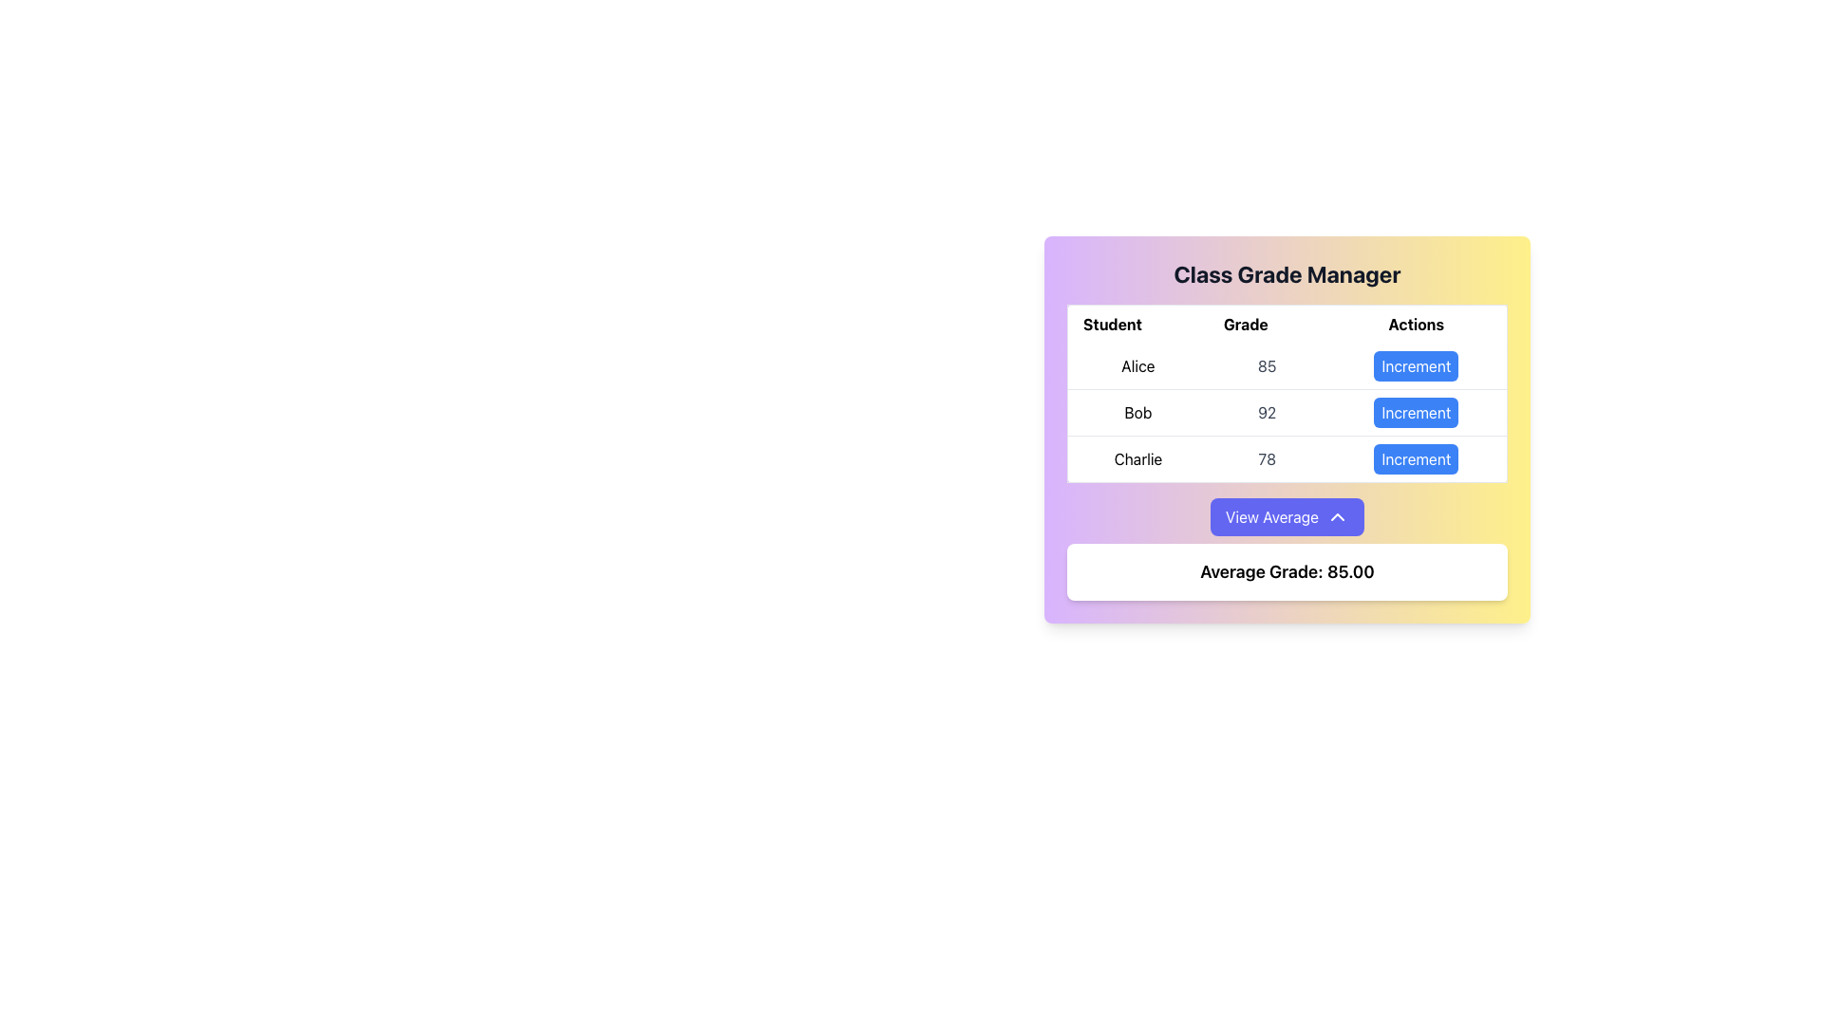 The width and height of the screenshot is (1823, 1025). What do you see at coordinates (1287, 274) in the screenshot?
I see `the header text-label UI element that introduces the content of the card related to managing class grades, located at the top portion of the card` at bounding box center [1287, 274].